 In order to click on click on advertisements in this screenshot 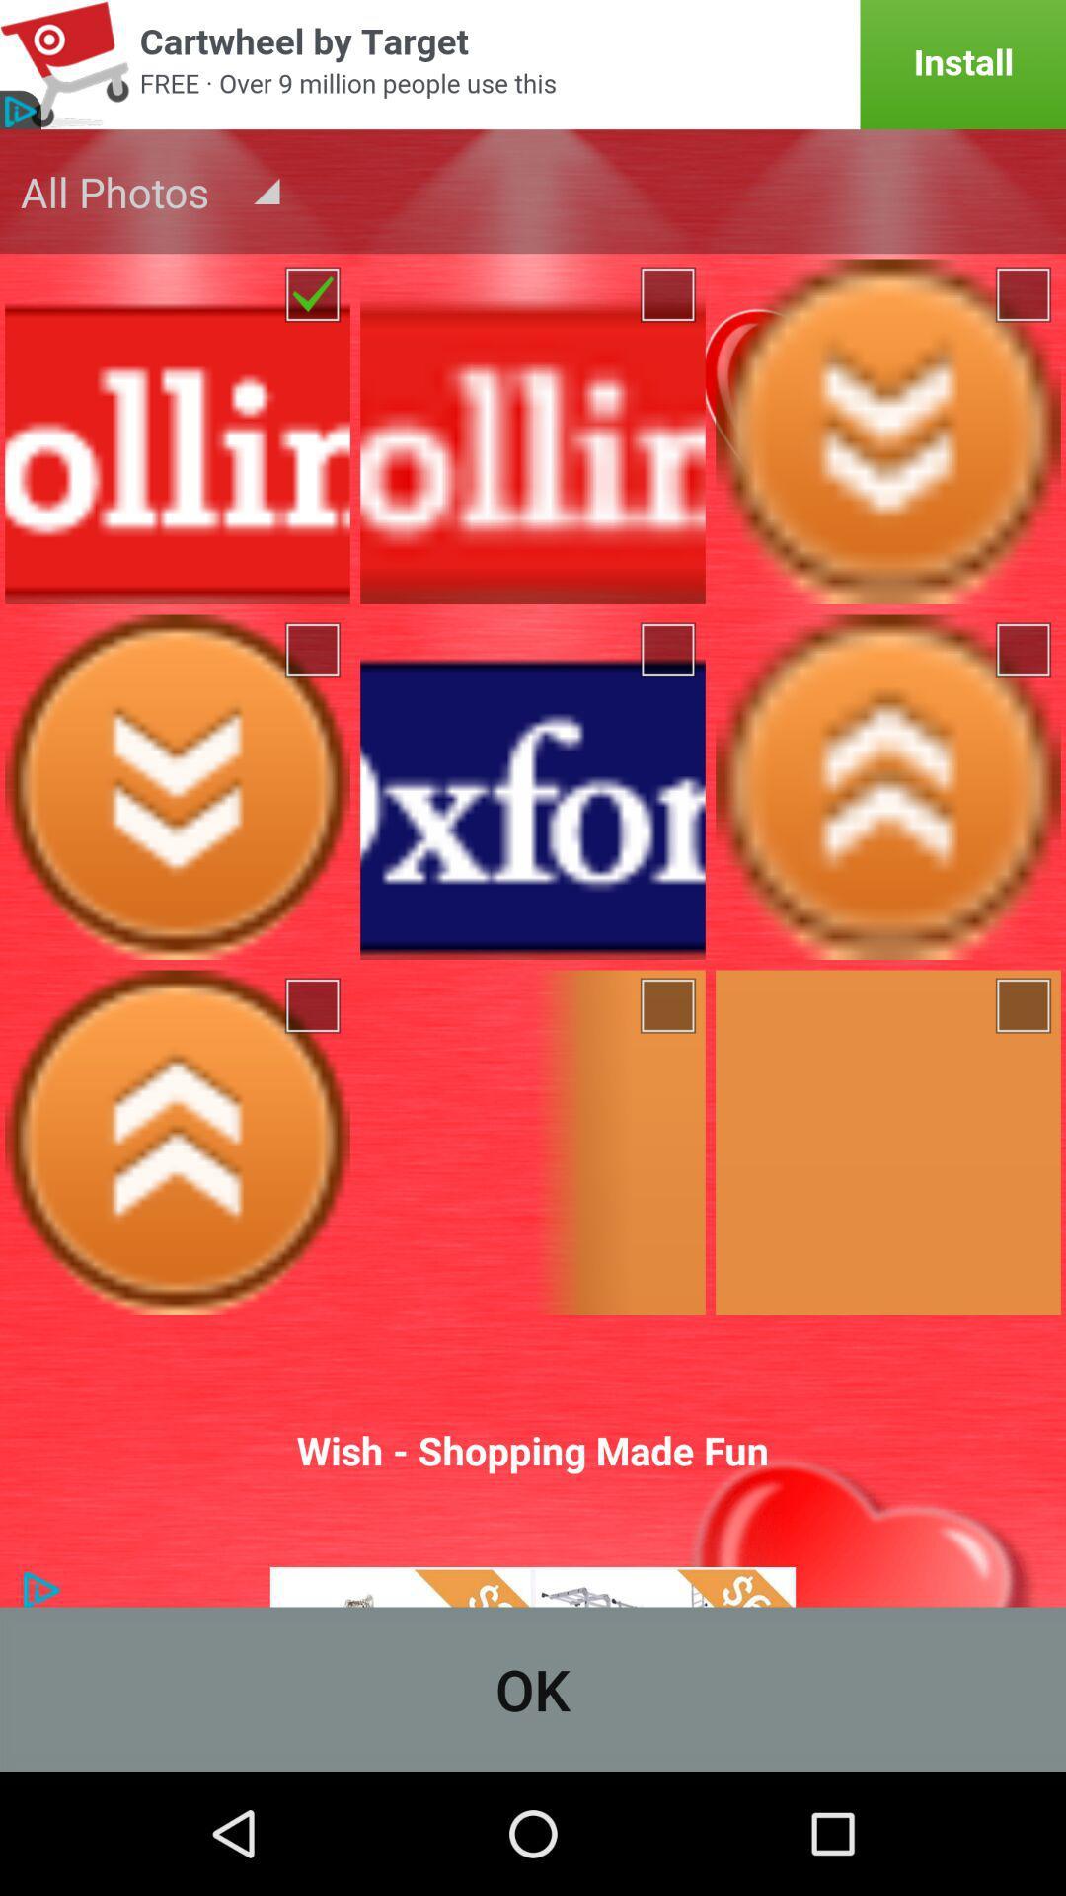, I will do `click(533, 1587)`.